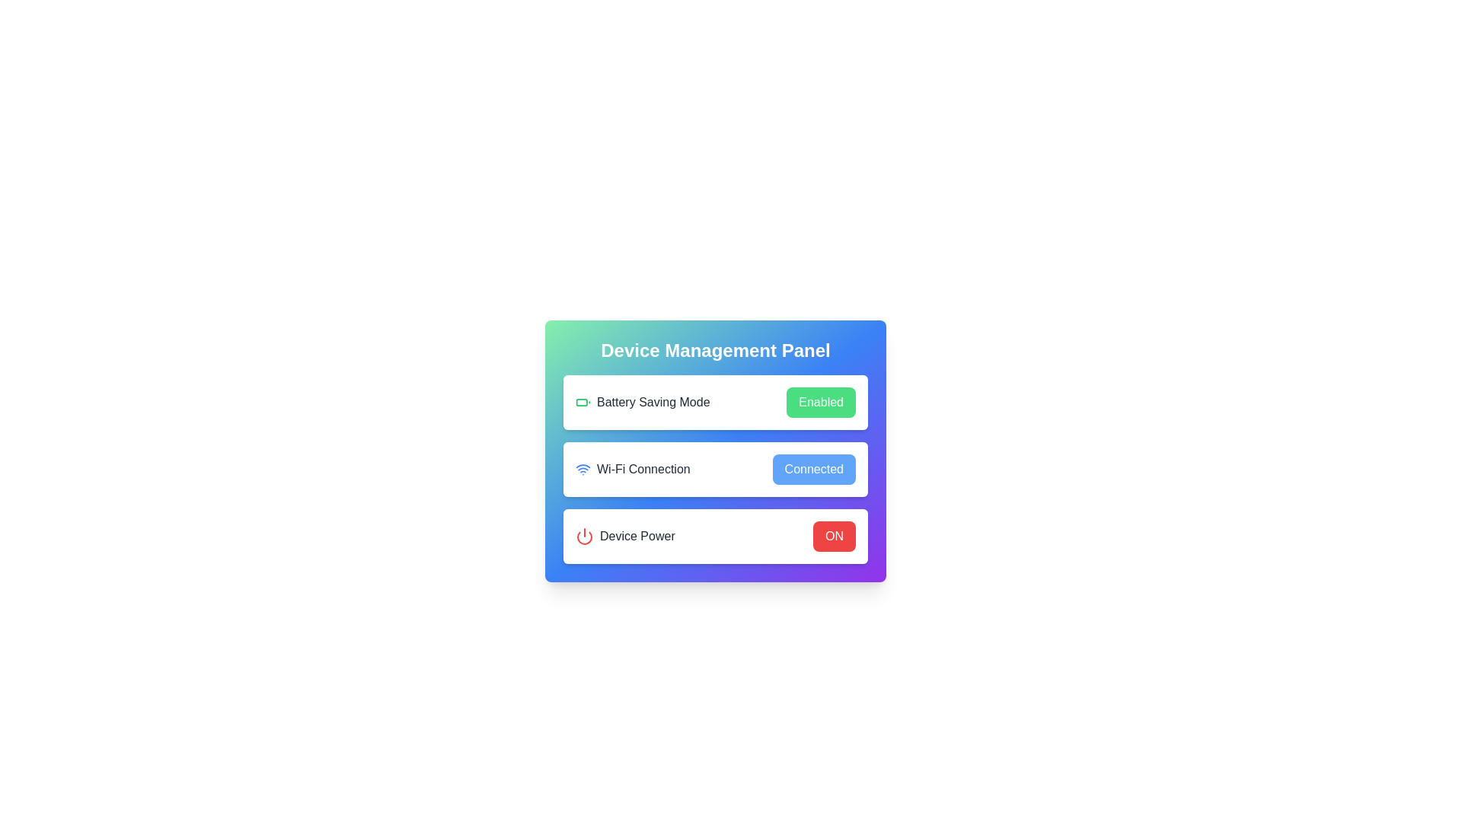  I want to click on second arc of the Wi-Fi signal strength icon located next to the 'Wi-Fi Connection' label in the second row of the Device Management Panel interface, so click(583, 465).